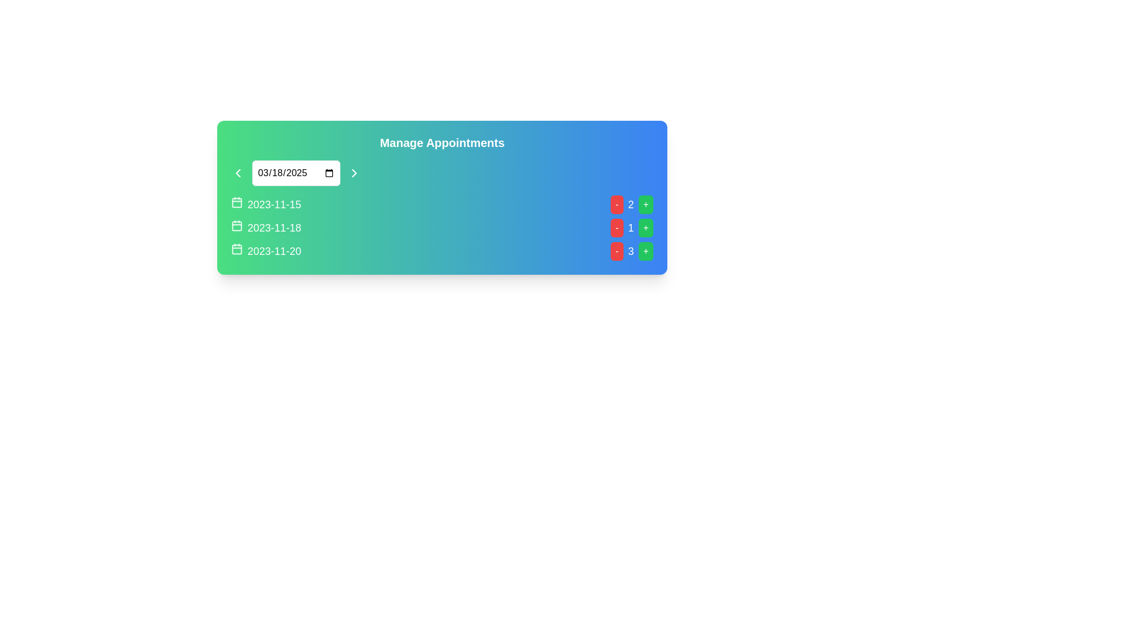  I want to click on the date entry button displaying the date '2023-11-18' with a calendar icon, which is the second item in the vertical list of date entries, so click(266, 228).